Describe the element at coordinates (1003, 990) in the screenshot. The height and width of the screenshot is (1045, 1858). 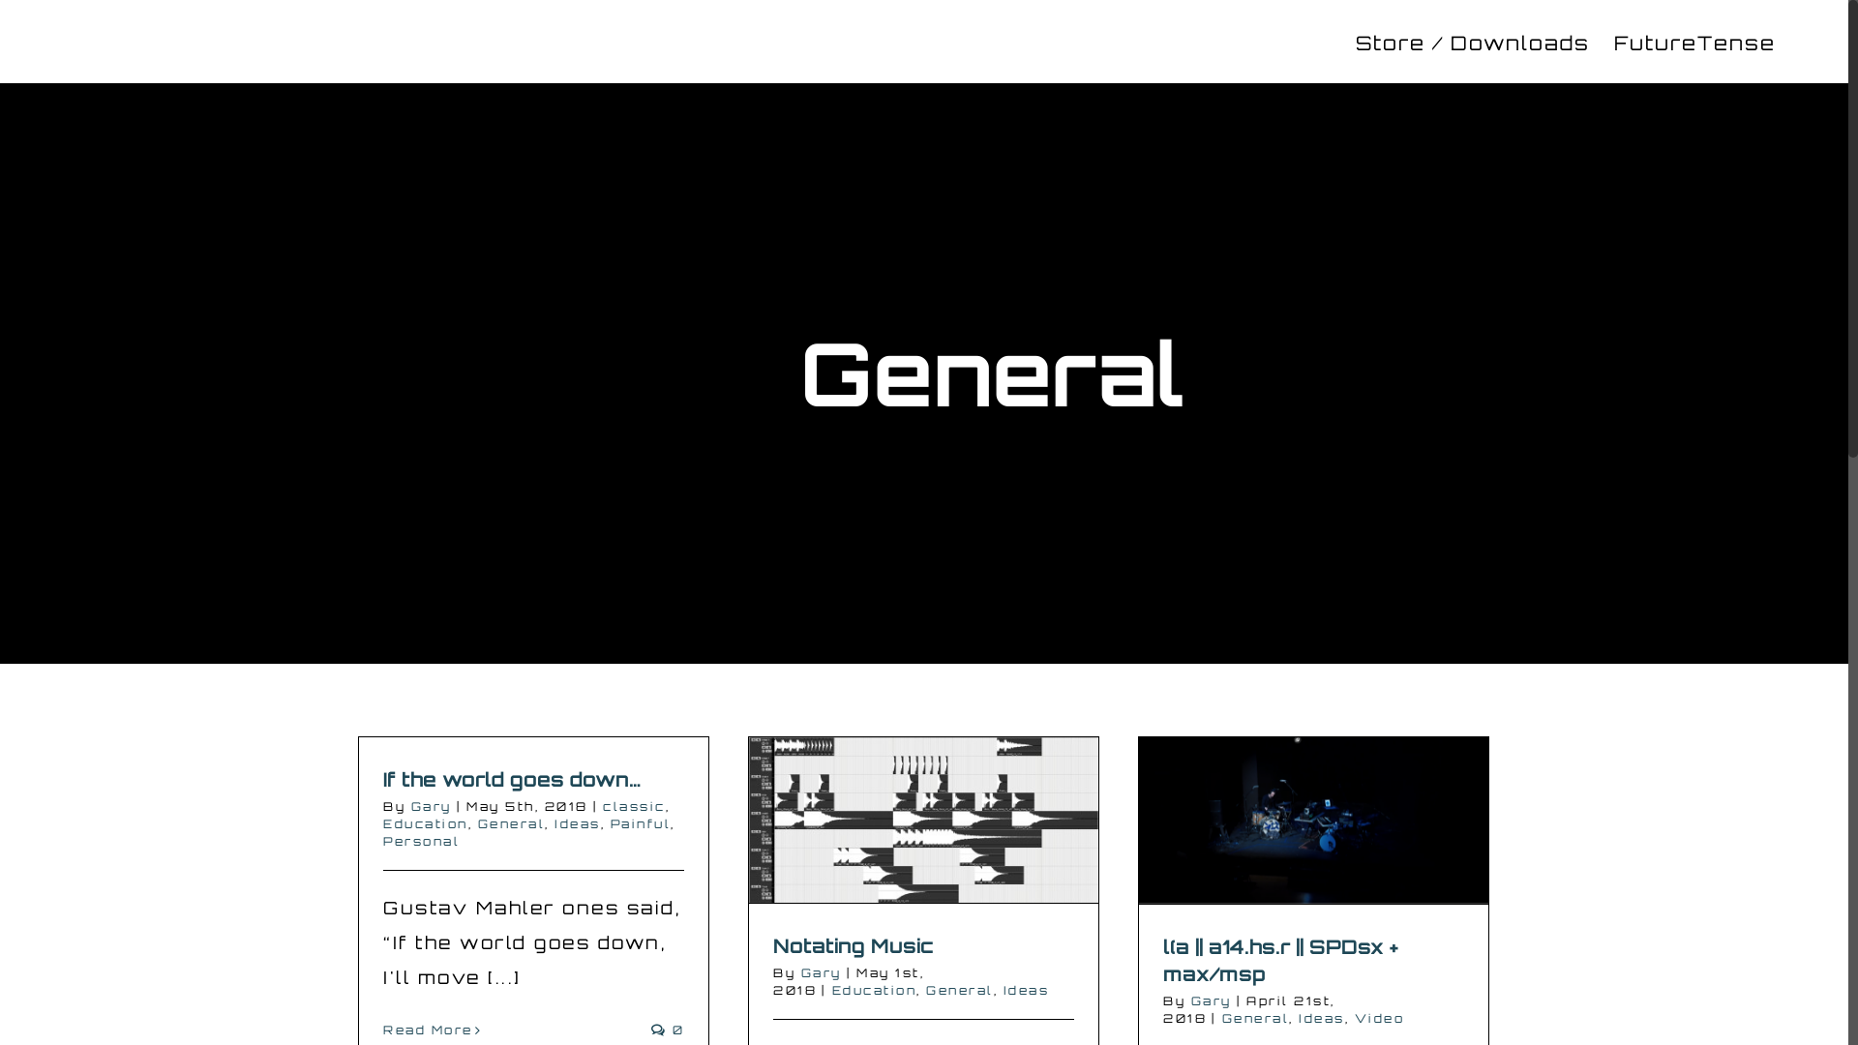
I see `'Ideas'` at that location.